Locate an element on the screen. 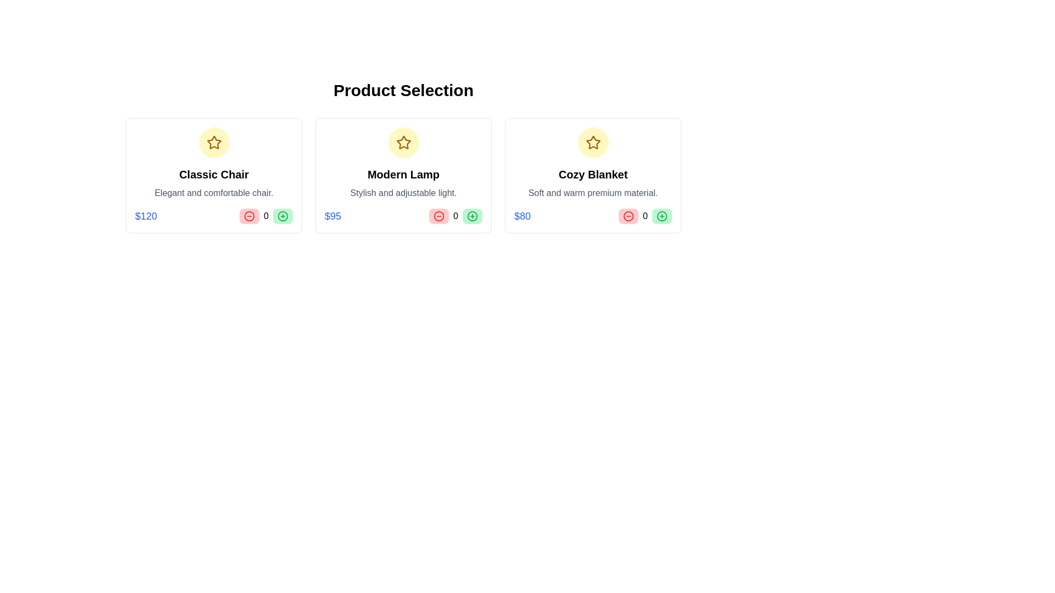 Image resolution: width=1055 pixels, height=593 pixels. the decorative circle or icon background located at the bottom right corner of the 'Classic Chair' product card is located at coordinates (282, 216).